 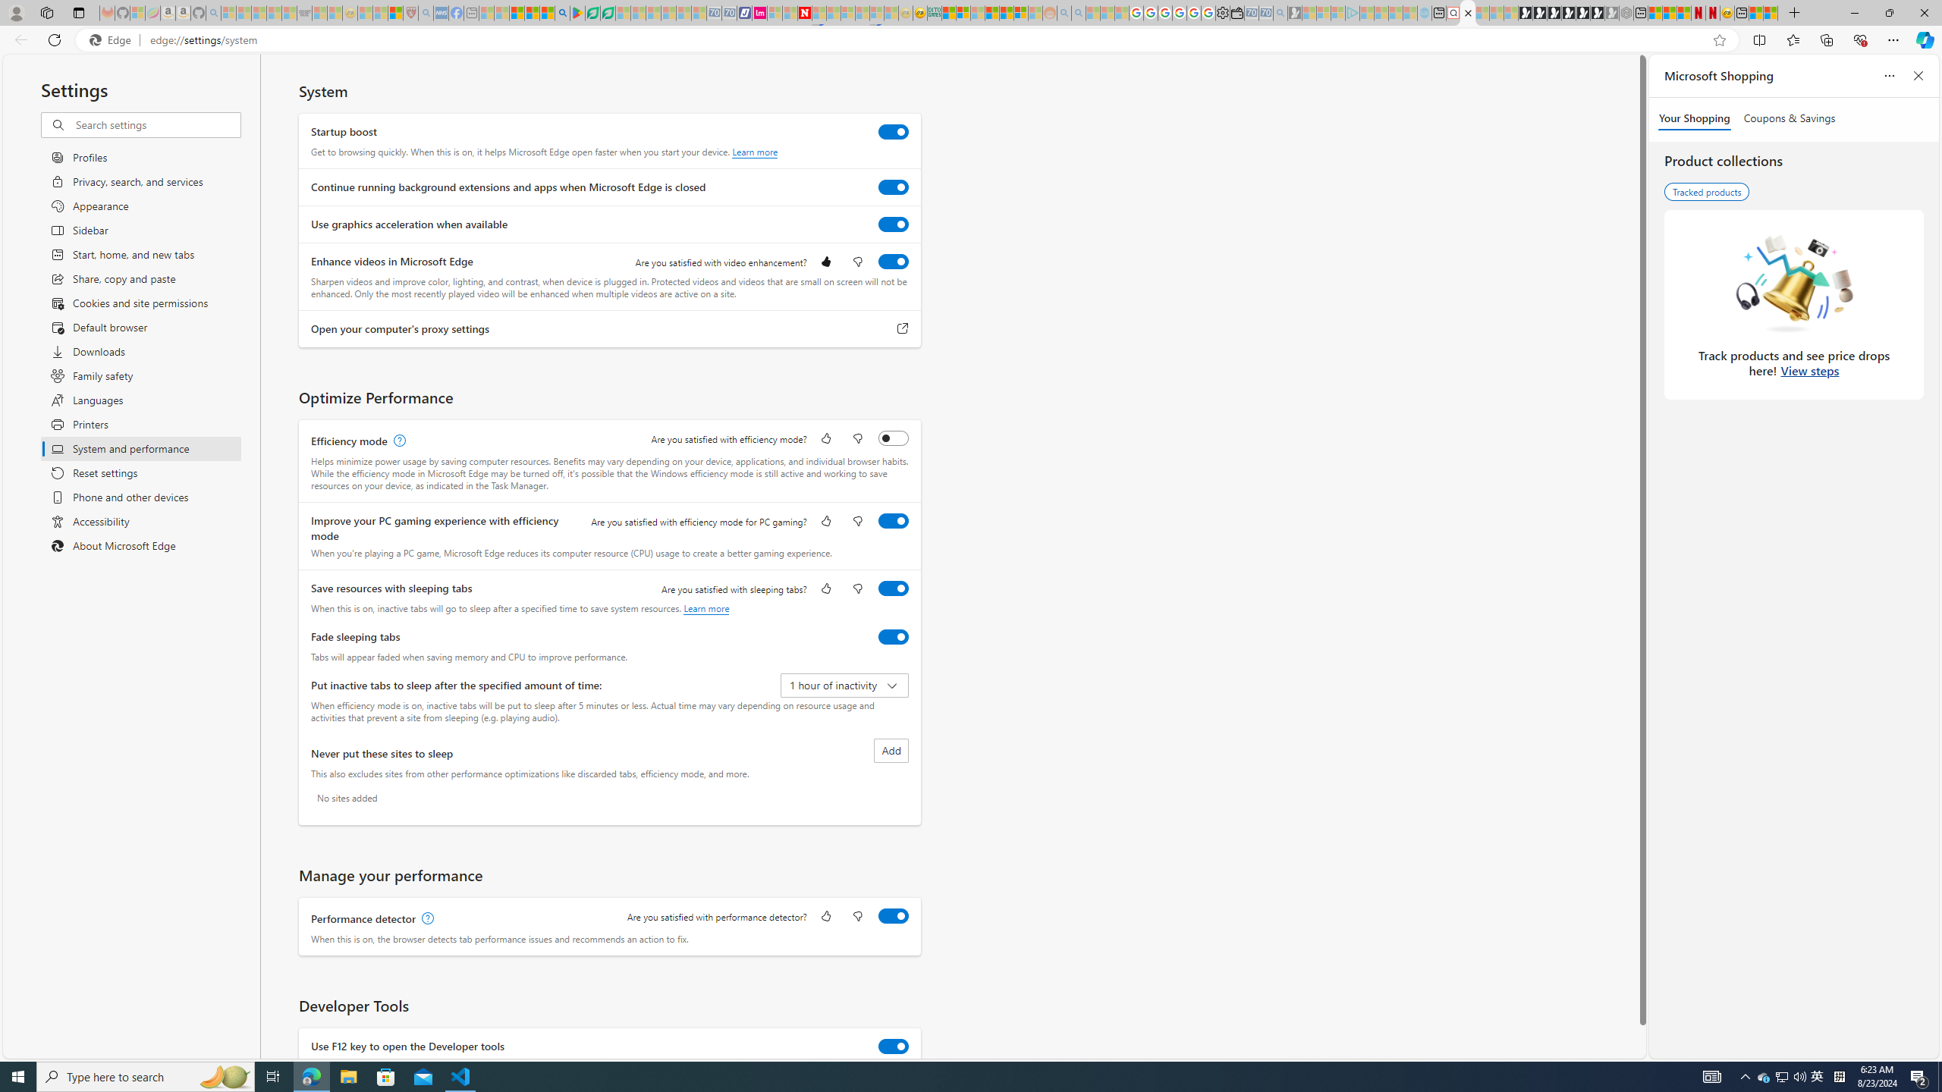 What do you see at coordinates (729, 12) in the screenshot?
I see `'Cheap Hotels - Save70.com - Sleeping'` at bounding box center [729, 12].